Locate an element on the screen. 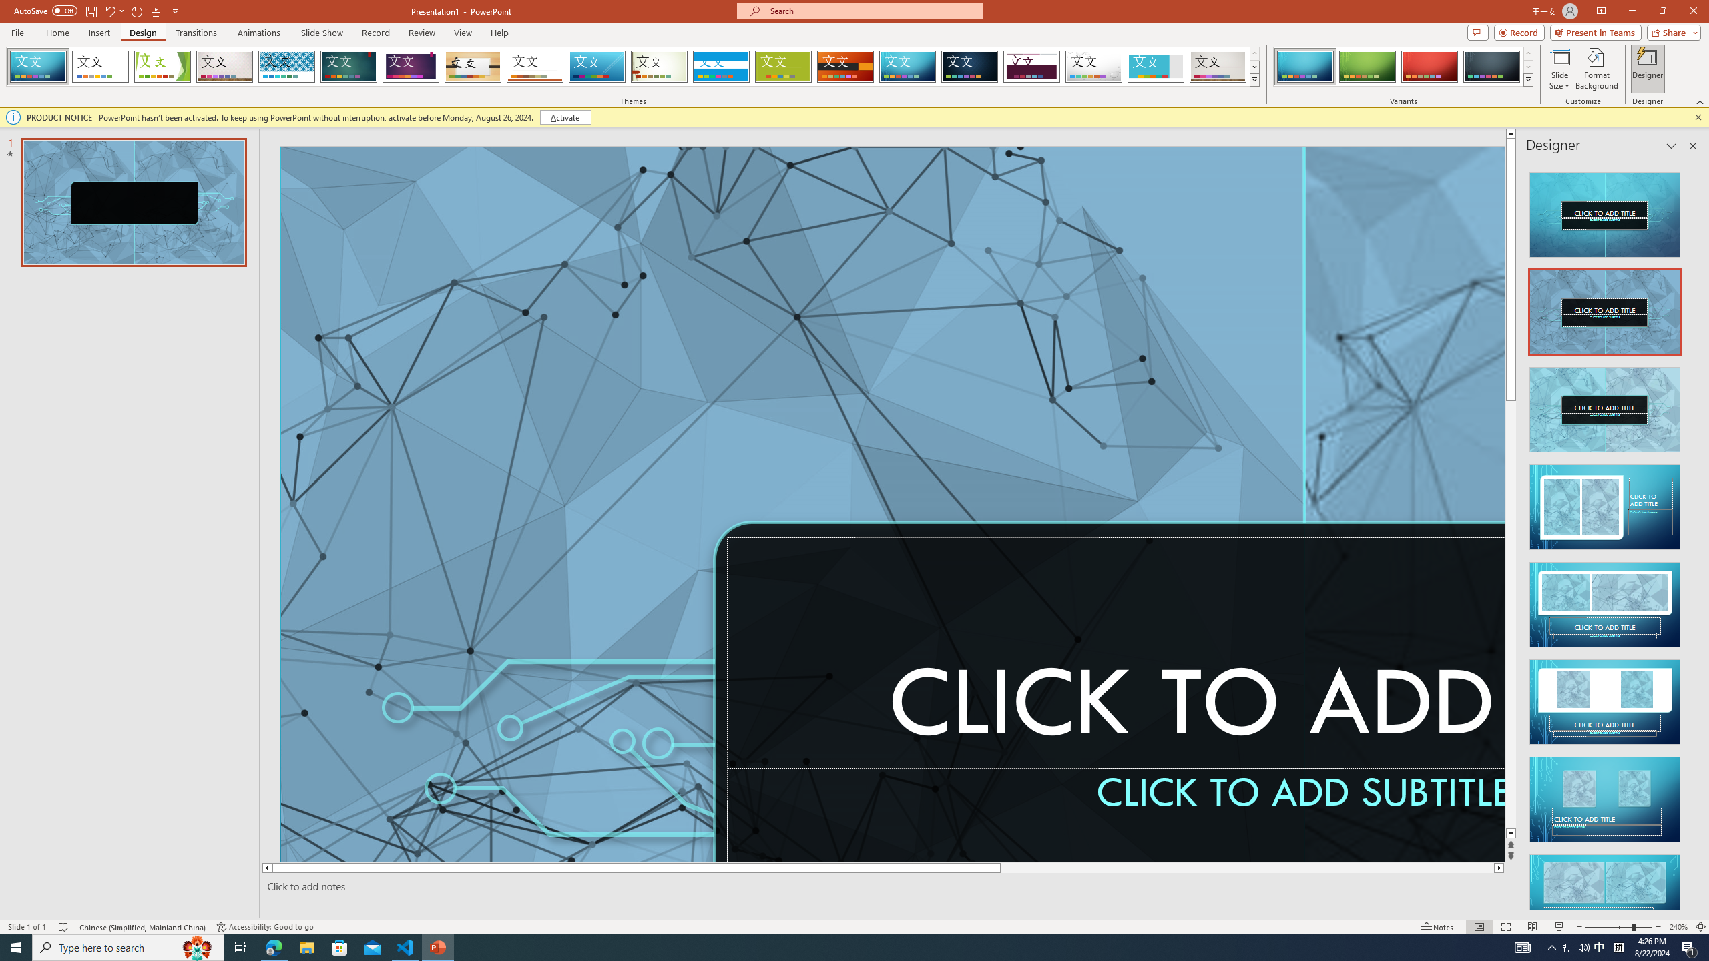 This screenshot has height=961, width=1709. 'Berlin' is located at coordinates (846, 66).